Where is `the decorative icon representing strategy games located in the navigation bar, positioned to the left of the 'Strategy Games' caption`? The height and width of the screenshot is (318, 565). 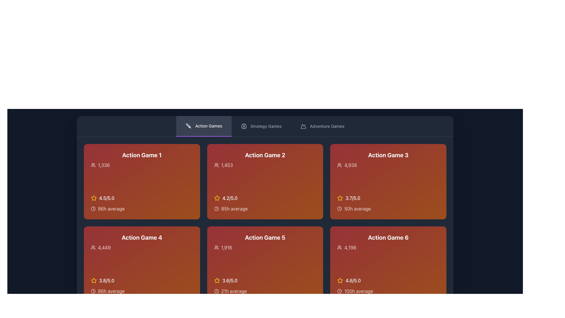
the decorative icon representing strategy games located in the navigation bar, positioned to the left of the 'Strategy Games' caption is located at coordinates (244, 126).